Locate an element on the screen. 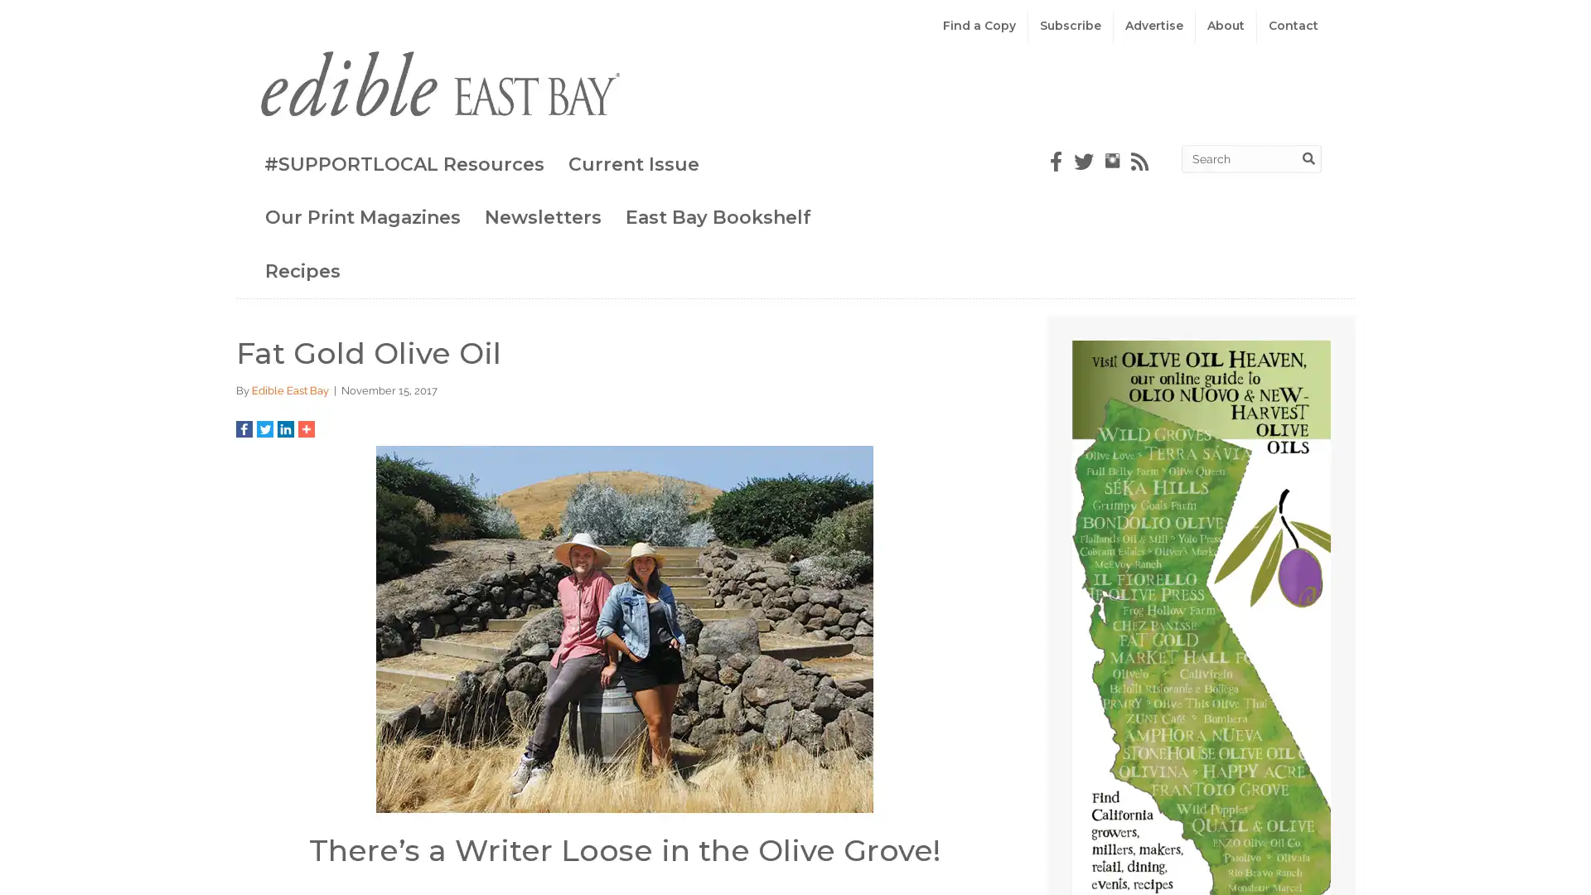  Share to Facebook is located at coordinates (237, 427).